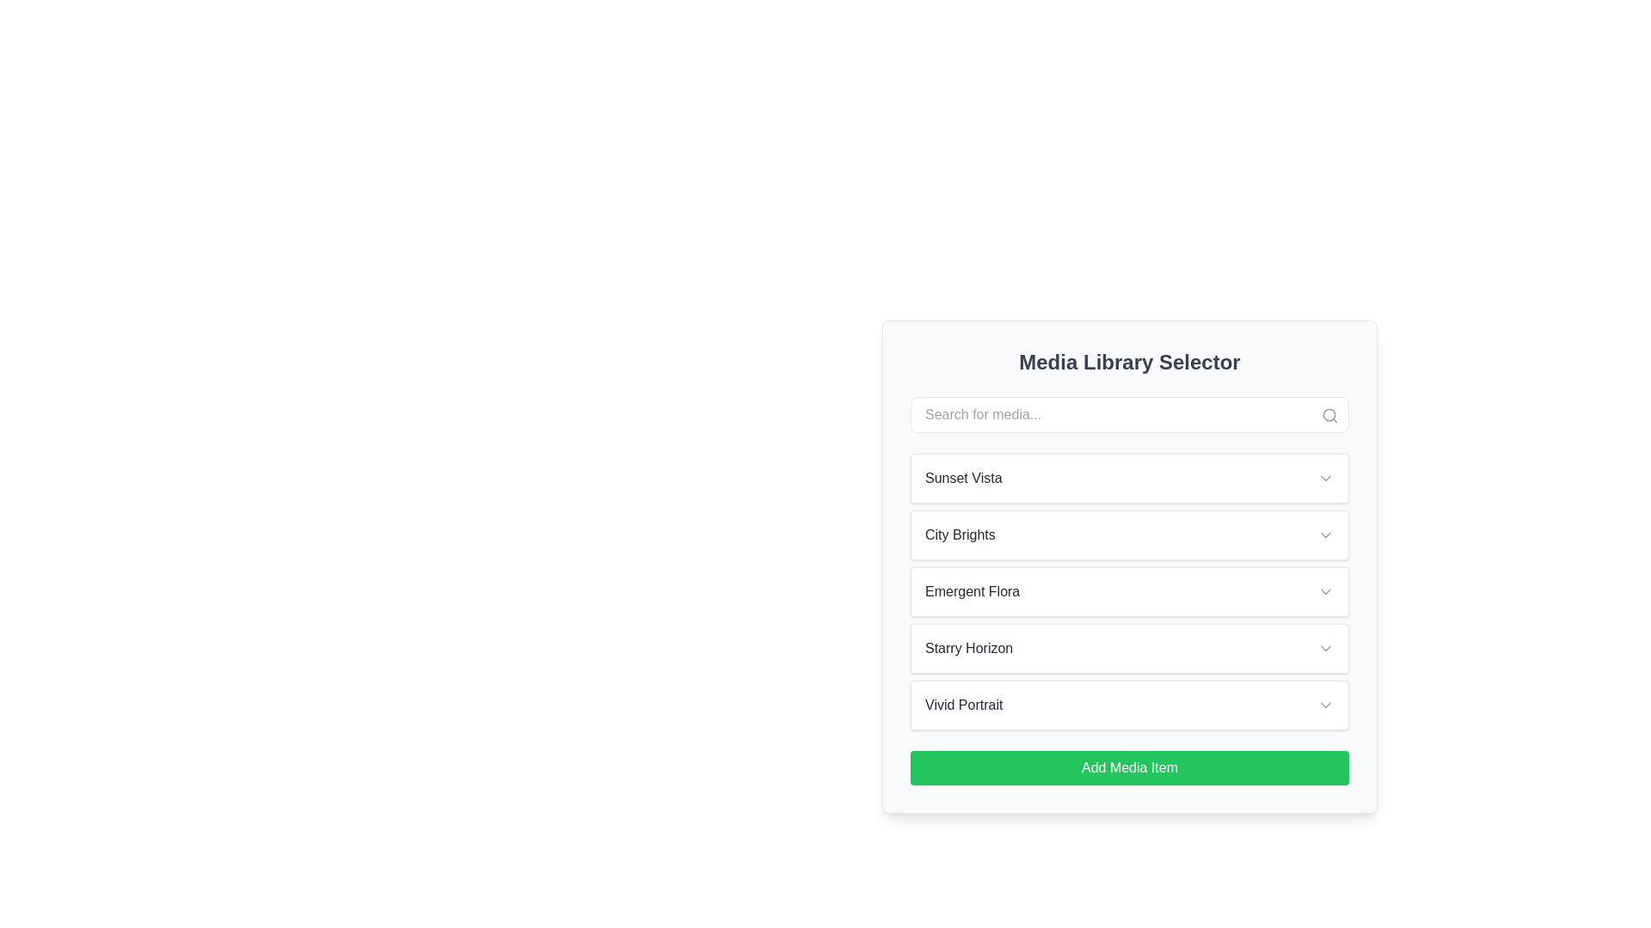 The image size is (1651, 928). I want to click on the third selectable item labeled 'Emergent Flora' in the vertically-stacked list inside the 'Media Library Selector' panel, so click(1130, 591).